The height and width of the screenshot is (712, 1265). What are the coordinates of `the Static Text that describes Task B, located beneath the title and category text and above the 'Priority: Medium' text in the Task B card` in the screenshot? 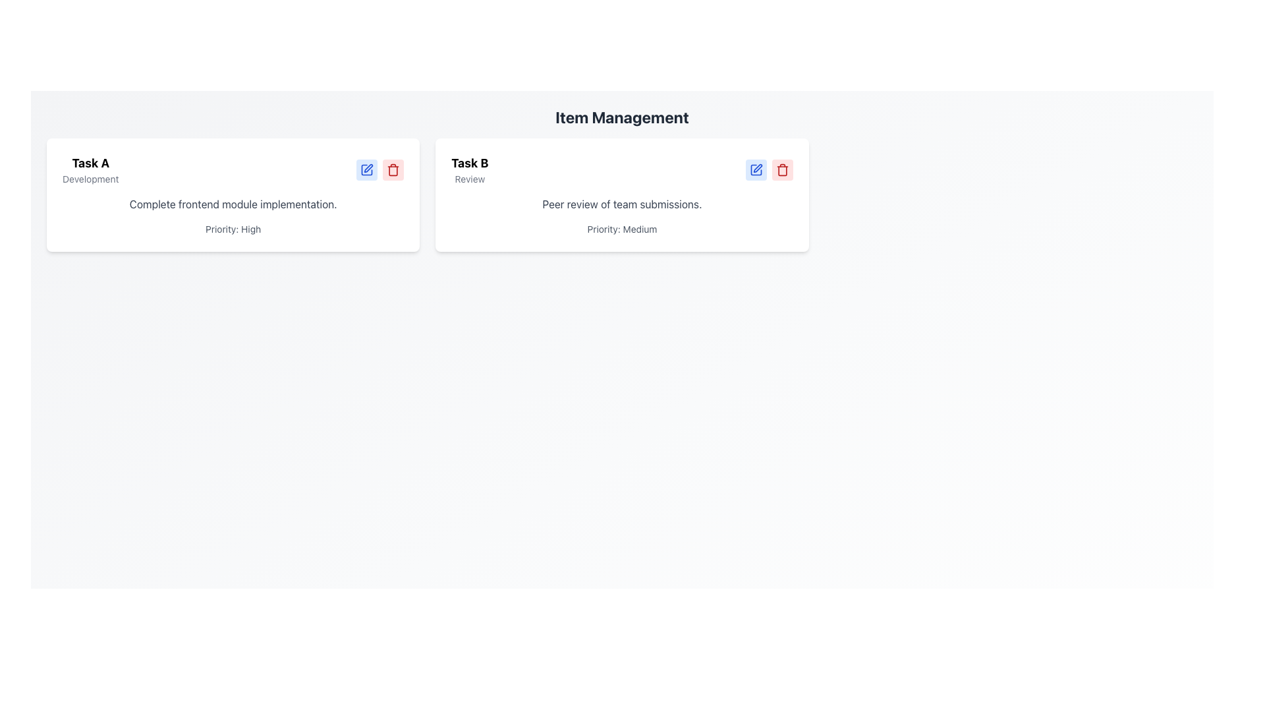 It's located at (621, 204).